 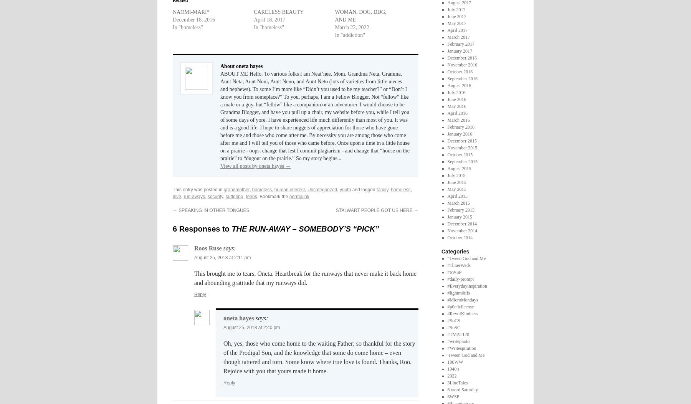 I want to click on 'June 2016', so click(x=456, y=98).